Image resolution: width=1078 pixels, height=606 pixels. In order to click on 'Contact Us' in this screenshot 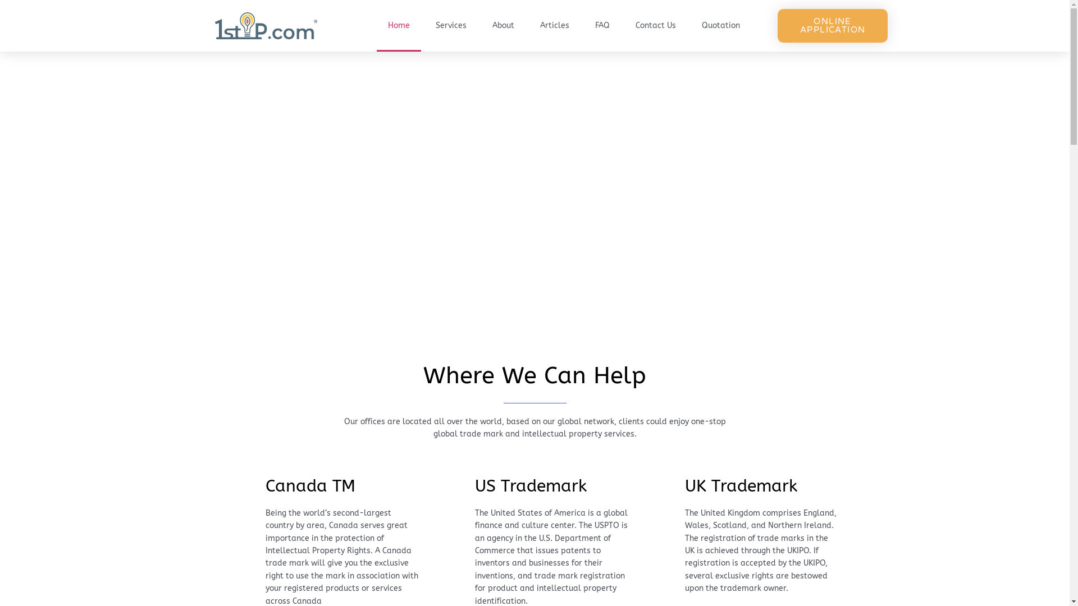, I will do `click(624, 25)`.